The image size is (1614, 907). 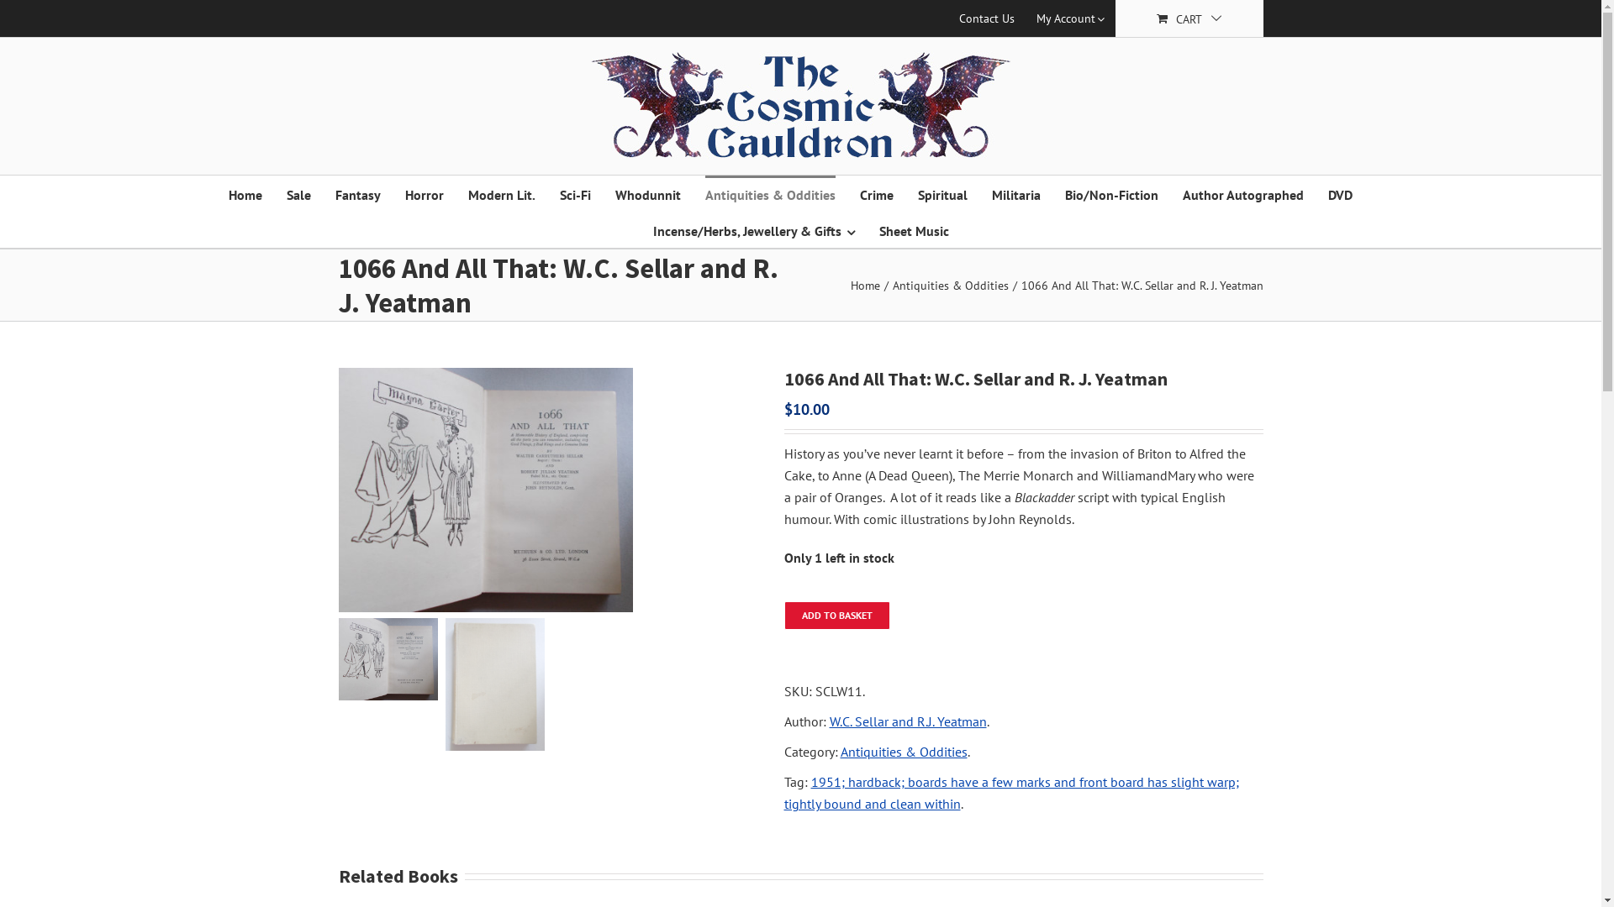 What do you see at coordinates (1069, 18) in the screenshot?
I see `'My Account'` at bounding box center [1069, 18].